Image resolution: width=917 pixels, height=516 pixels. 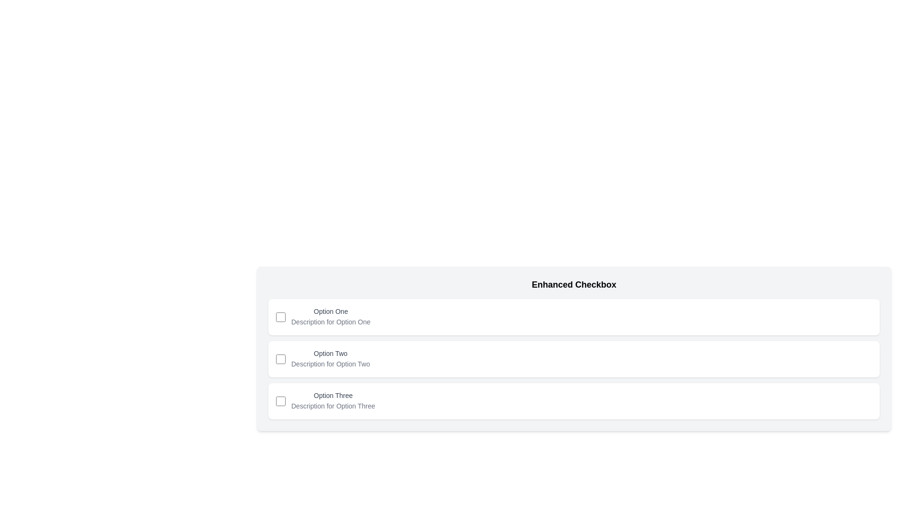 What do you see at coordinates (331, 354) in the screenshot?
I see `the text label named 'Option Two', which is the second item in a series of three options, located between 'Option One' and 'Option Three'` at bounding box center [331, 354].